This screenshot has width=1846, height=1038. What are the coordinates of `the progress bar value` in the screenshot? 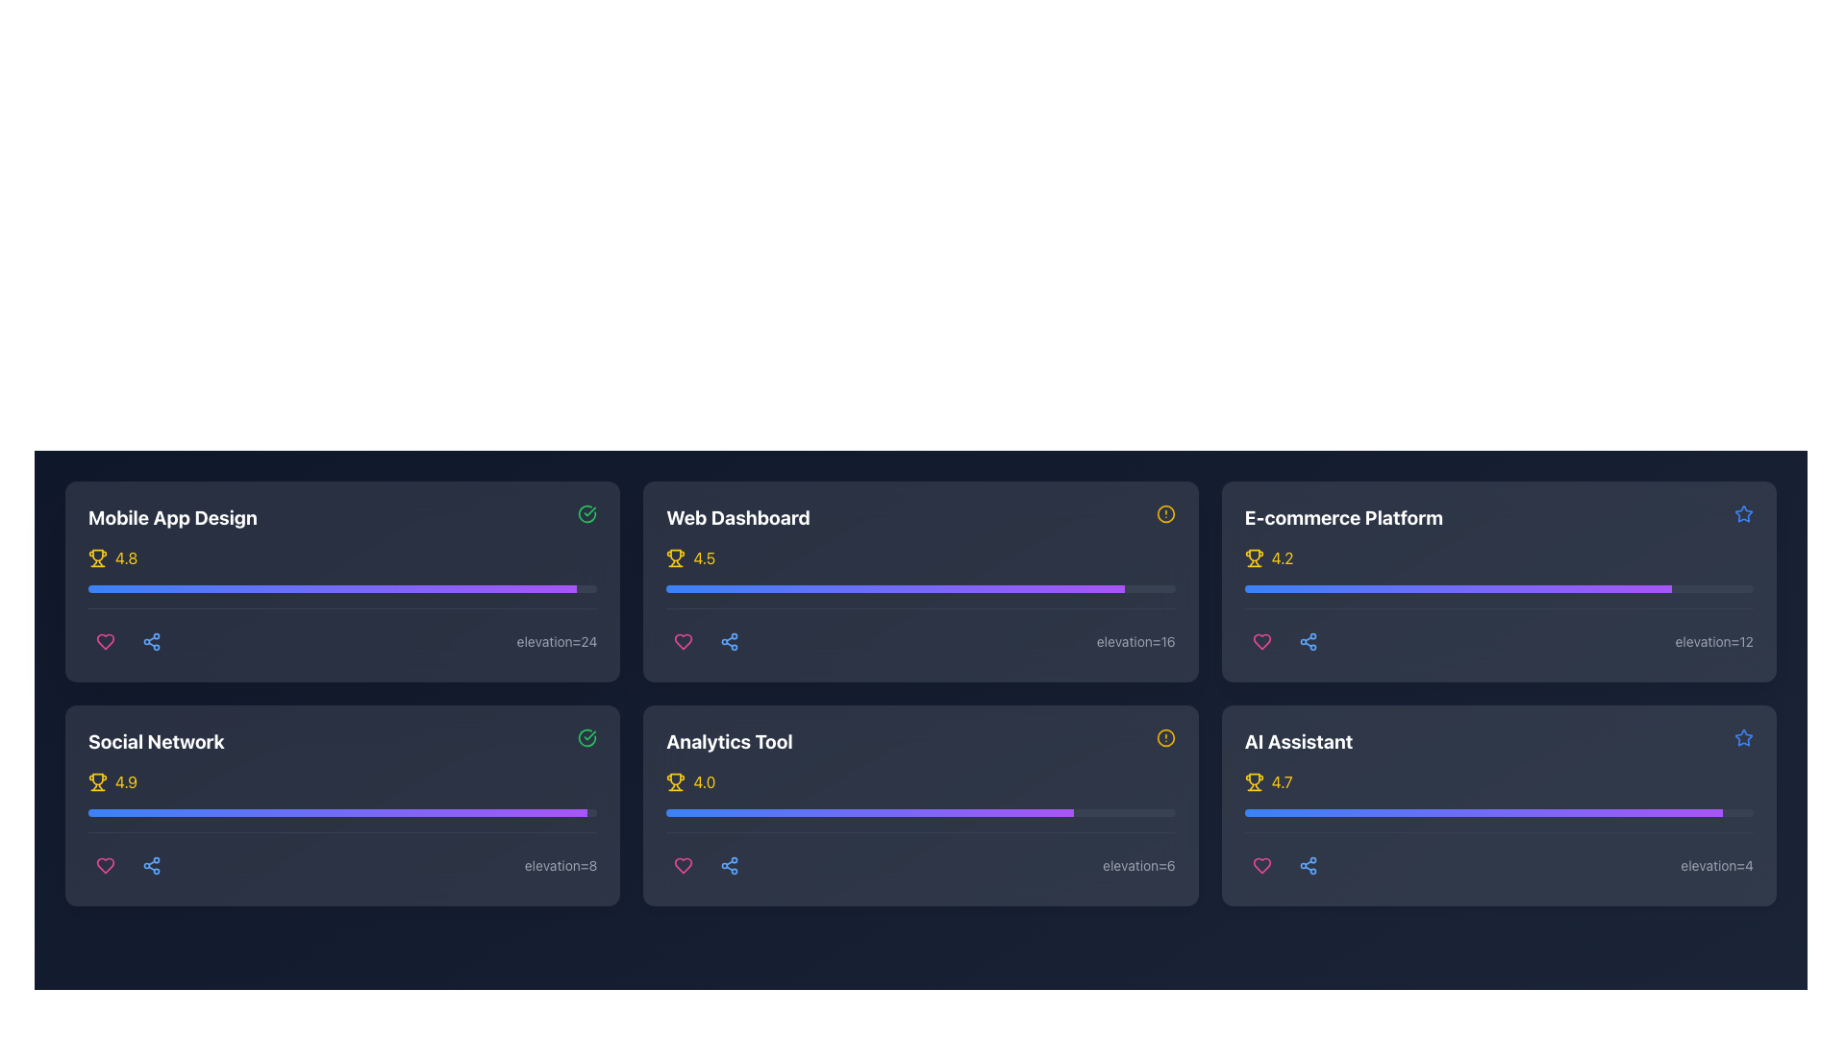 It's located at (1458, 588).